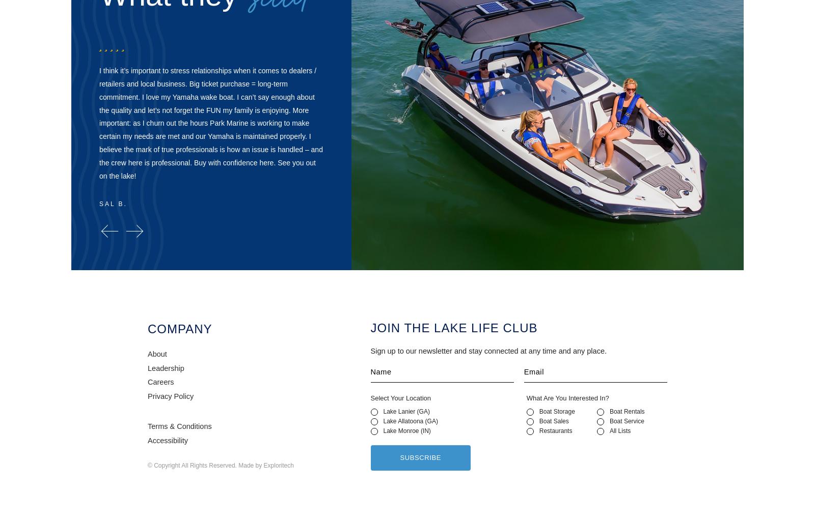 The width and height of the screenshot is (815, 520). Describe the element at coordinates (113, 203) in the screenshot. I see `'Sal B.'` at that location.